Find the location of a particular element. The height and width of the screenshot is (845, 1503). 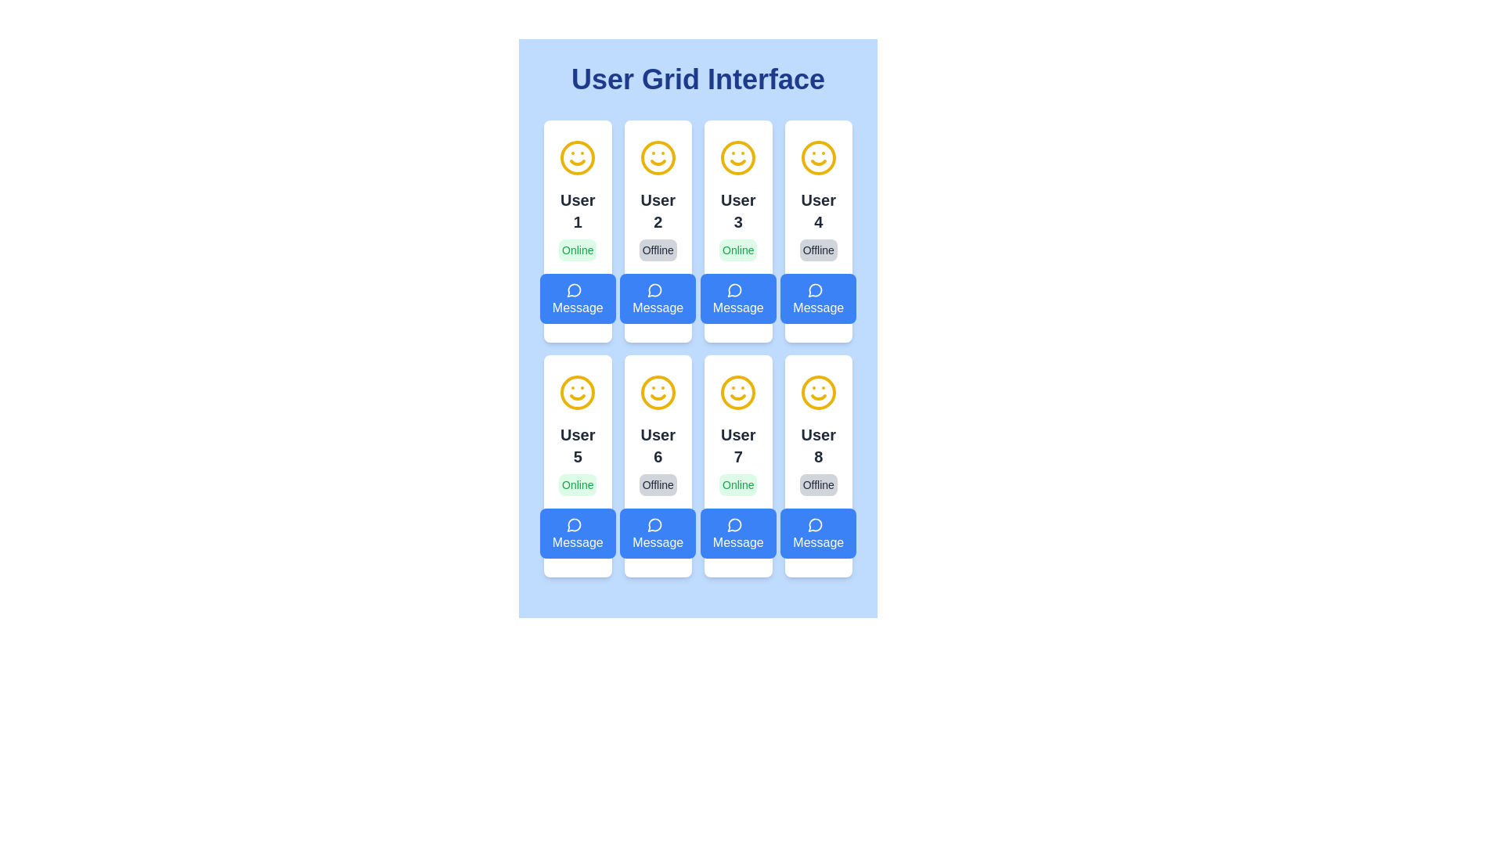

the decorative icon representing 'User 7' located at the top of the card, which visually indicates user sentiment or status is located at coordinates (737, 391).